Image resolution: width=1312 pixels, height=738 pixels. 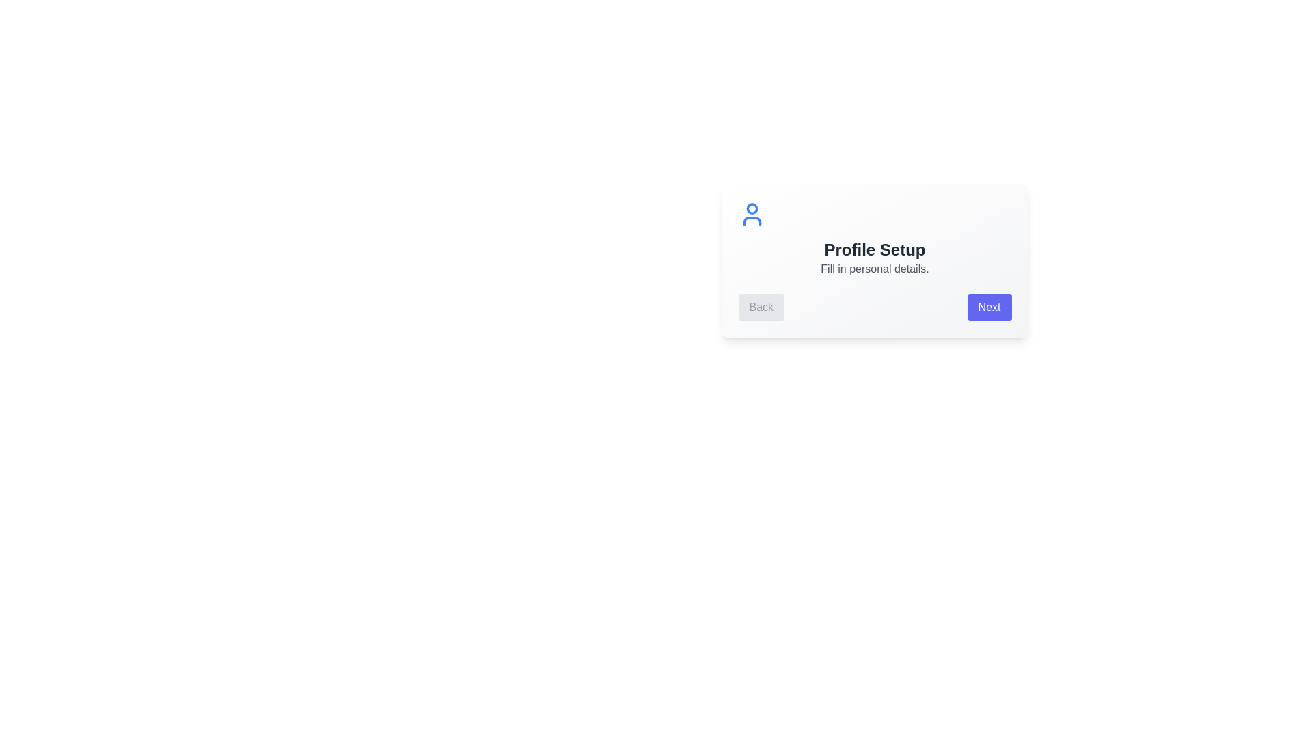 What do you see at coordinates (989, 307) in the screenshot?
I see `the 'Next' button to navigate to the next step` at bounding box center [989, 307].